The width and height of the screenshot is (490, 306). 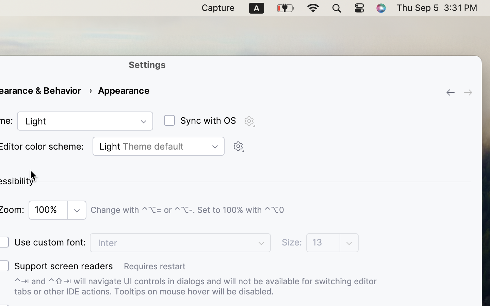 What do you see at coordinates (49, 210) in the screenshot?
I see `'100%'` at bounding box center [49, 210].